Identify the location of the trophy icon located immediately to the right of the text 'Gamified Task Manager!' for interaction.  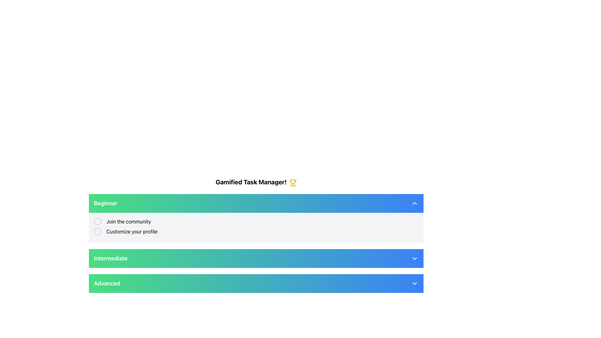
(293, 182).